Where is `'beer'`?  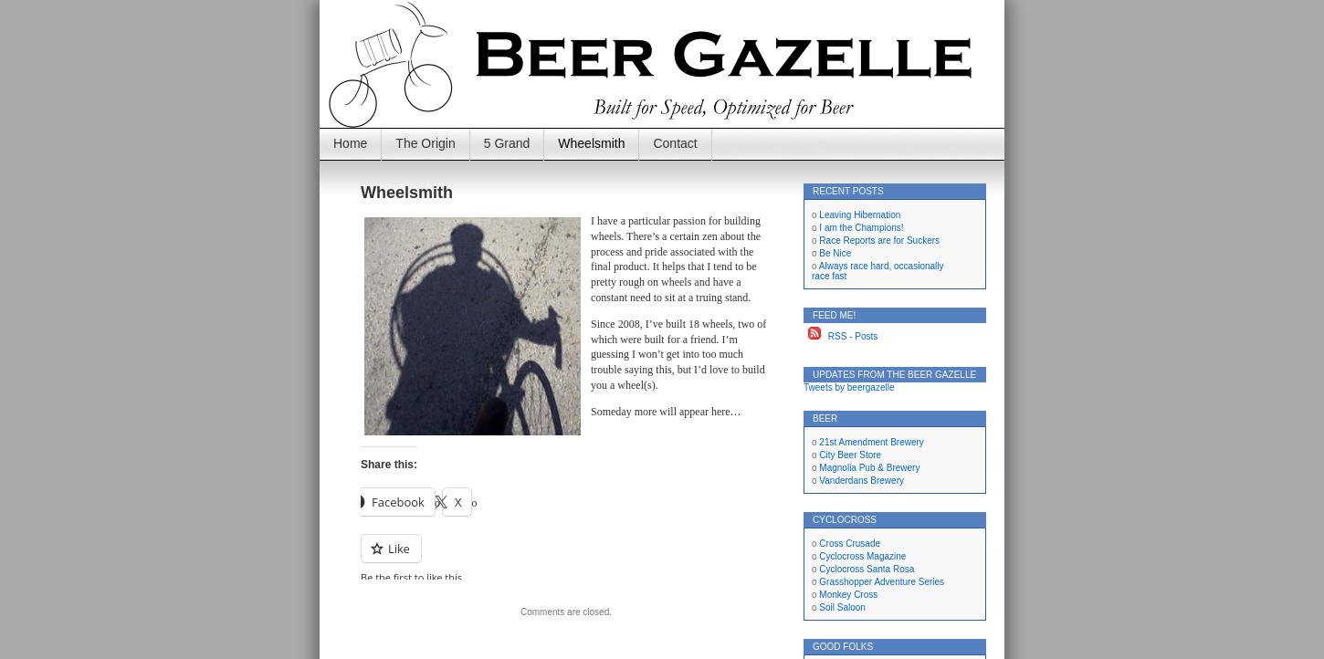 'beer' is located at coordinates (824, 417).